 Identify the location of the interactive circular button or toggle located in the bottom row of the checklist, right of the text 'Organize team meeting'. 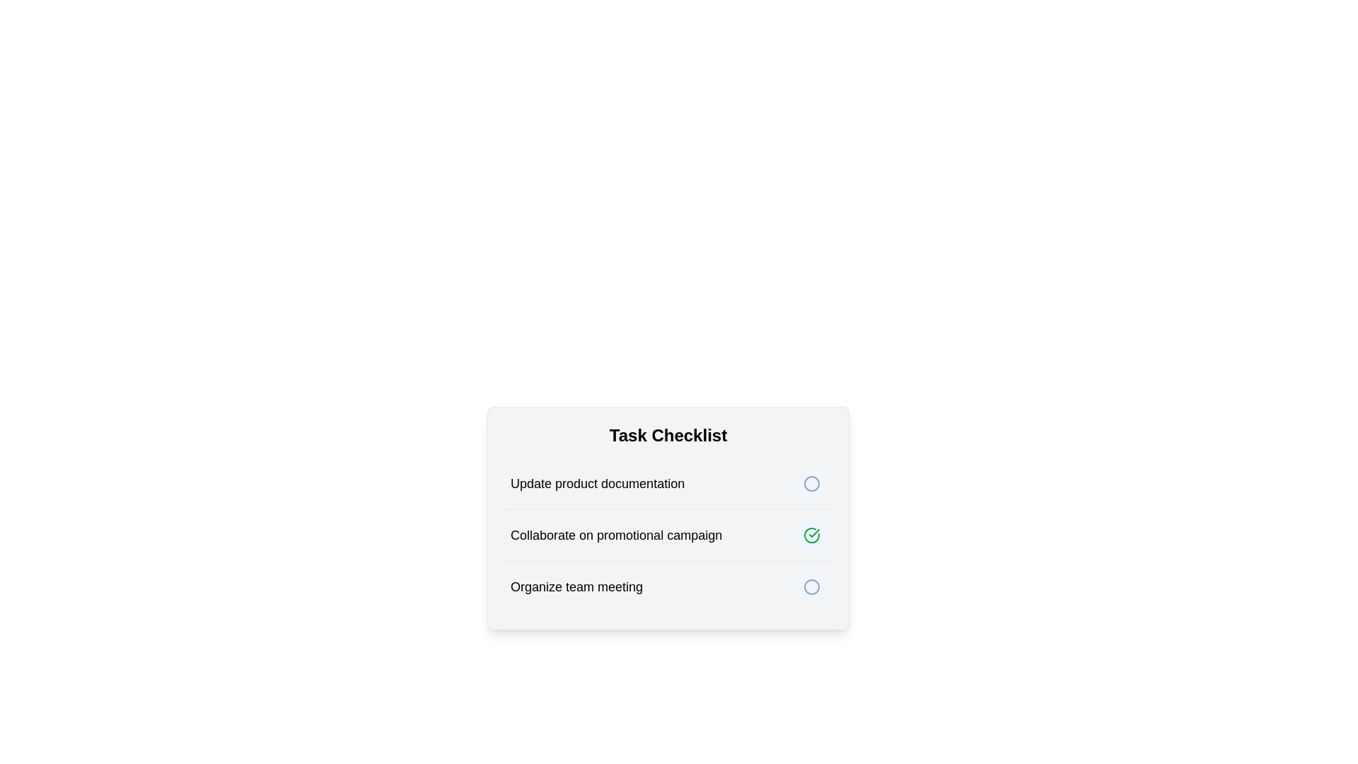
(811, 586).